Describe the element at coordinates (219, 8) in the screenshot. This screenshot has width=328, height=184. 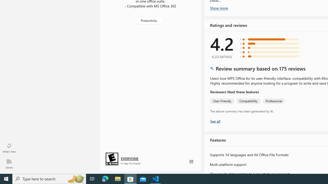
I see `'Show more'` at that location.